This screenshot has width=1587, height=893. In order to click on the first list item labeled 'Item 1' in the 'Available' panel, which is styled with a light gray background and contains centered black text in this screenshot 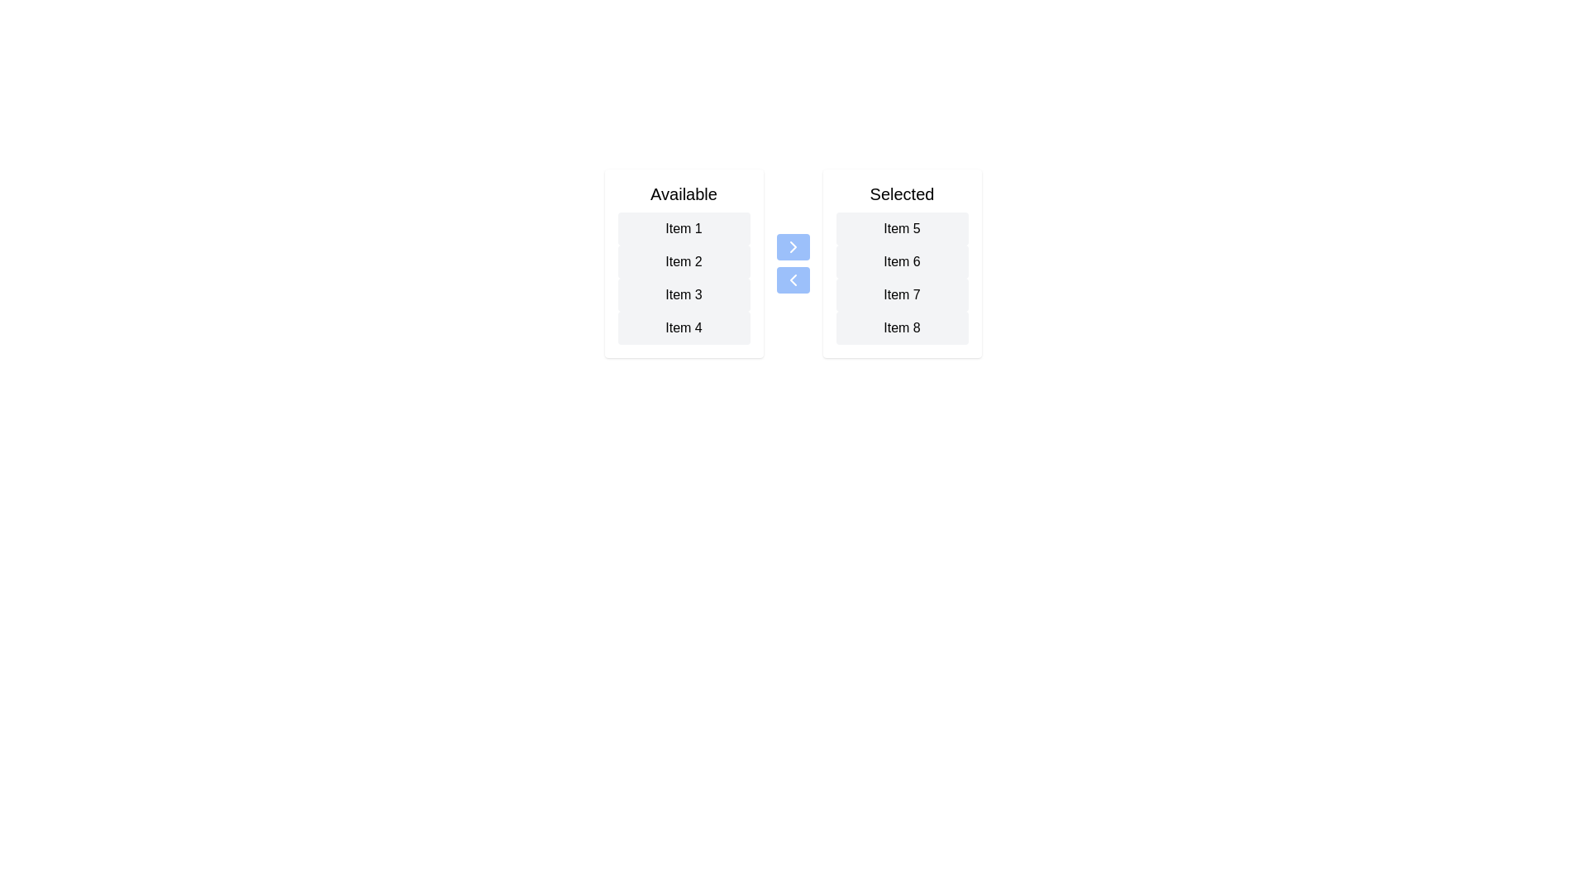, I will do `click(684, 229)`.